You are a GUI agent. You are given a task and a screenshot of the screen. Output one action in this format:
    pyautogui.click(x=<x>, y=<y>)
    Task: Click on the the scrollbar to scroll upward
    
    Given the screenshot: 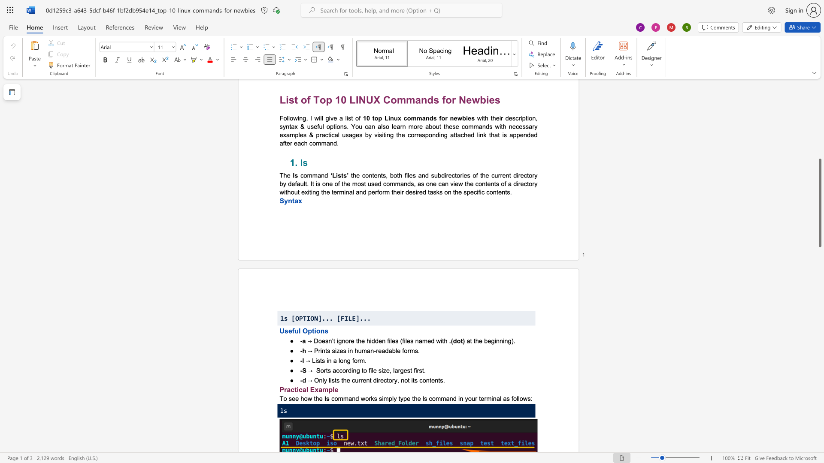 What is the action you would take?
    pyautogui.click(x=819, y=180)
    